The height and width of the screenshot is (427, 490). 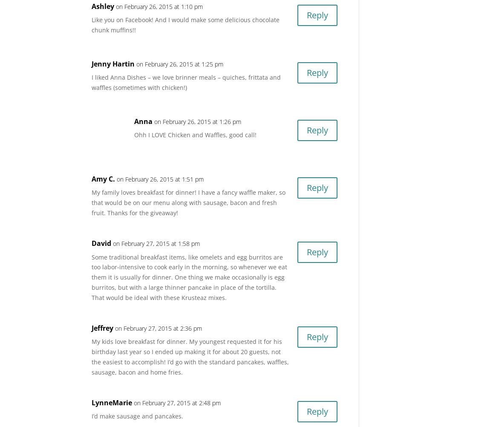 What do you see at coordinates (195, 134) in the screenshot?
I see `'Ohh I LOVE Chicken and Waffles, good call!'` at bounding box center [195, 134].